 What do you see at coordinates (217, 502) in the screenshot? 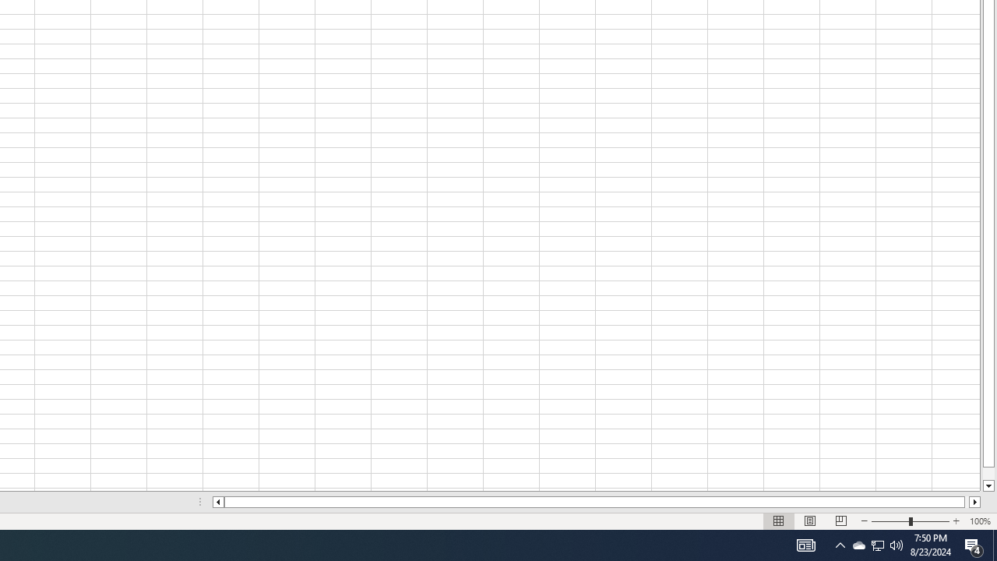
I see `'Column left'` at bounding box center [217, 502].